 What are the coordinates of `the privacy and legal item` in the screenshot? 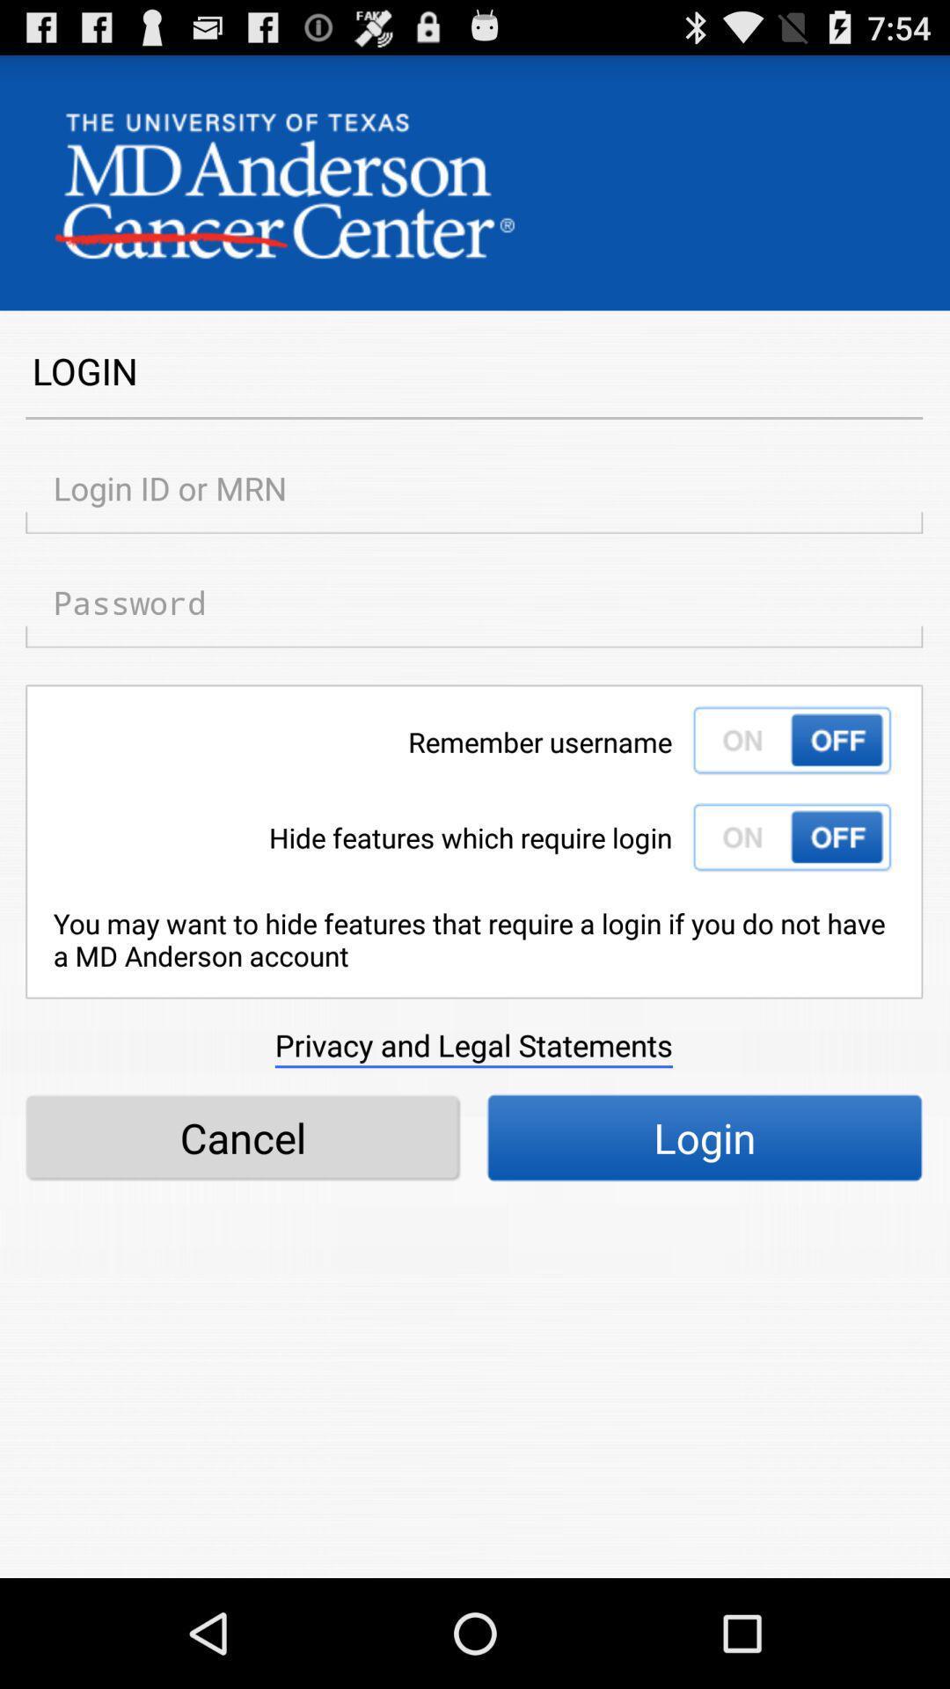 It's located at (472, 1045).